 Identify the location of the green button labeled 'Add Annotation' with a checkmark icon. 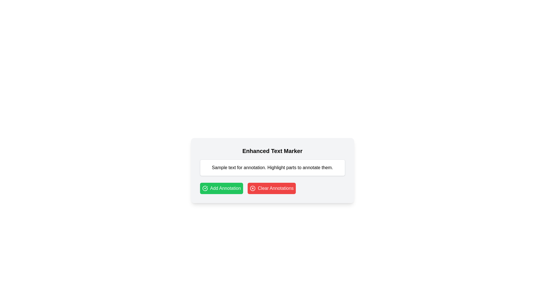
(221, 188).